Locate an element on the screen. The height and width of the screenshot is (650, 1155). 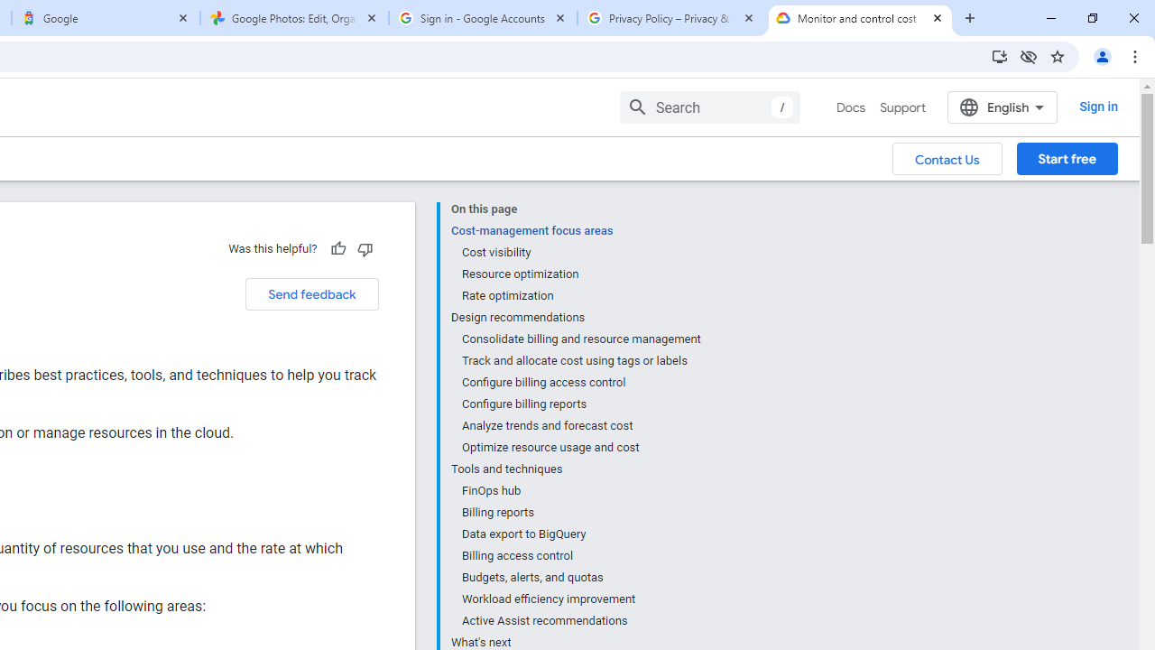
'Consolidate billing and resource management' is located at coordinates (580, 339).